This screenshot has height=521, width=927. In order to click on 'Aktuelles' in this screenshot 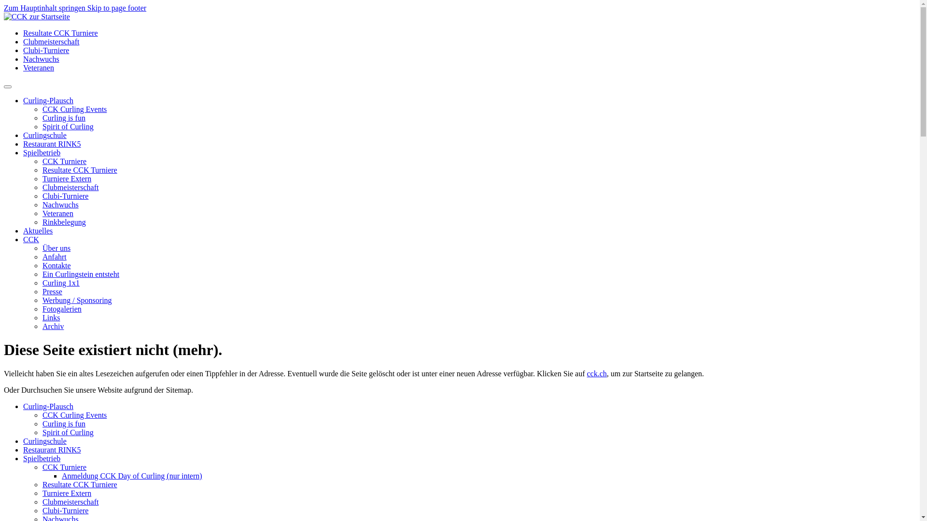, I will do `click(38, 231)`.